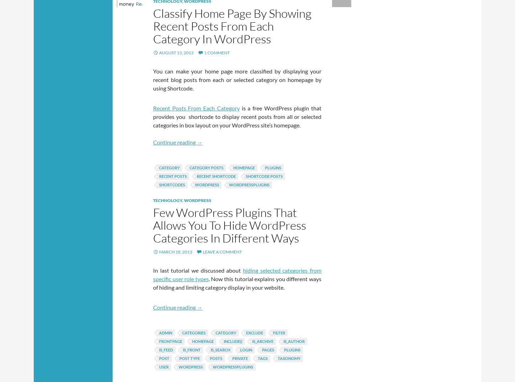 The height and width of the screenshot is (382, 515). Describe the element at coordinates (264, 176) in the screenshot. I see `'shortcode posts'` at that location.